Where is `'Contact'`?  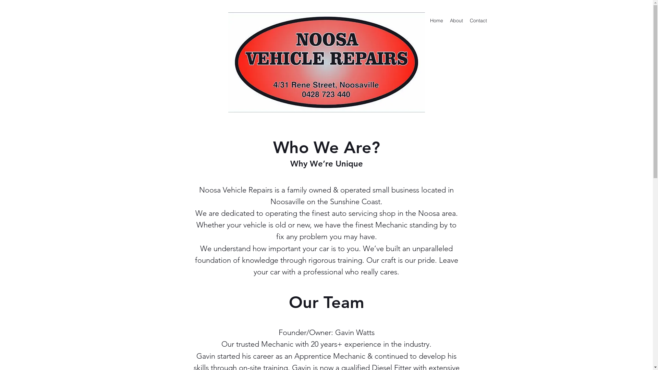 'Contact' is located at coordinates (466, 20).